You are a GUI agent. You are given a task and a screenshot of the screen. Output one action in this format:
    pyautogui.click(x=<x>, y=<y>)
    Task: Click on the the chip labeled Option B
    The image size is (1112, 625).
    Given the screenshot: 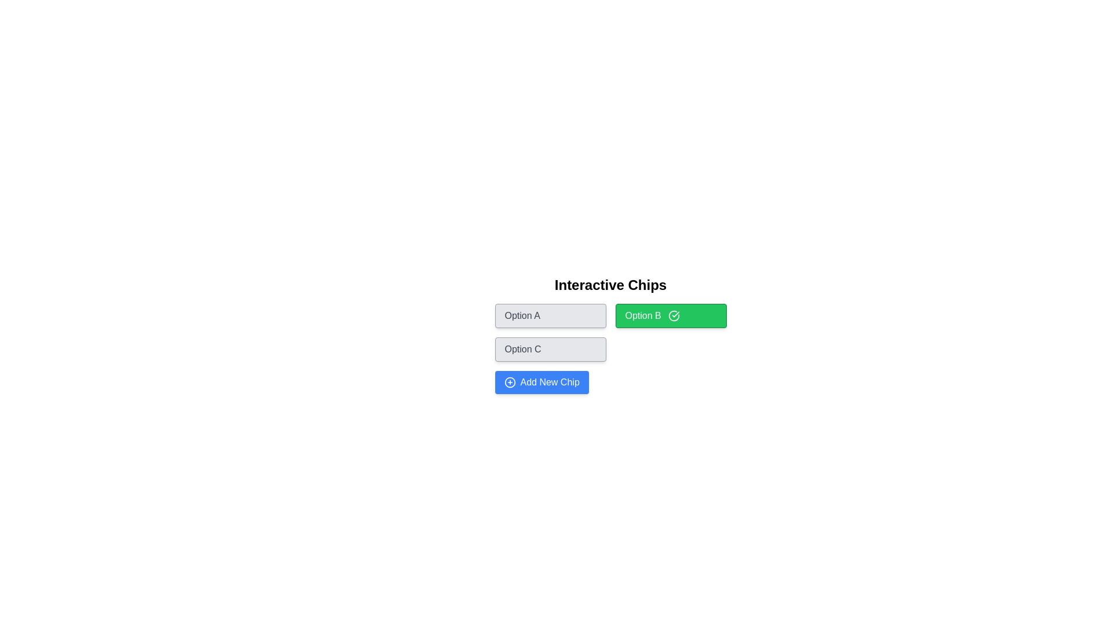 What is the action you would take?
    pyautogui.click(x=671, y=316)
    